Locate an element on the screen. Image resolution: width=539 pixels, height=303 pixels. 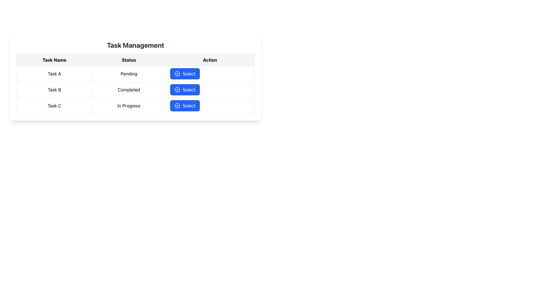
the circular SVG element located in the first row of the table under the 'Action' column, positioned to the left of the 'Select' button is located at coordinates (177, 73).